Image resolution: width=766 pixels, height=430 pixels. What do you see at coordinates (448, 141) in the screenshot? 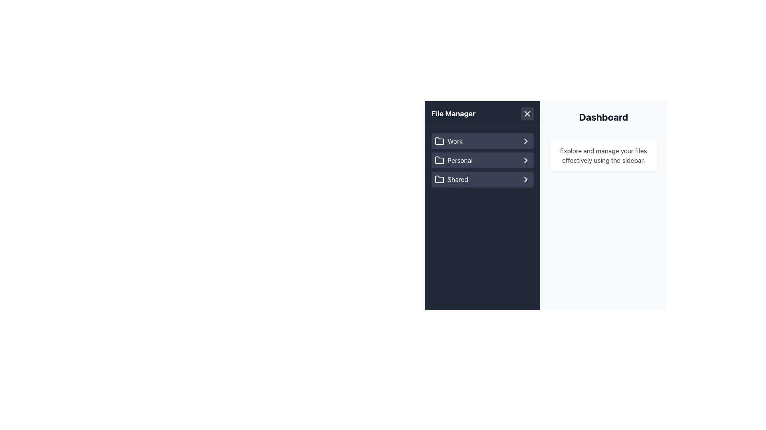
I see `the 'Work' label with icon in the file management interface` at bounding box center [448, 141].